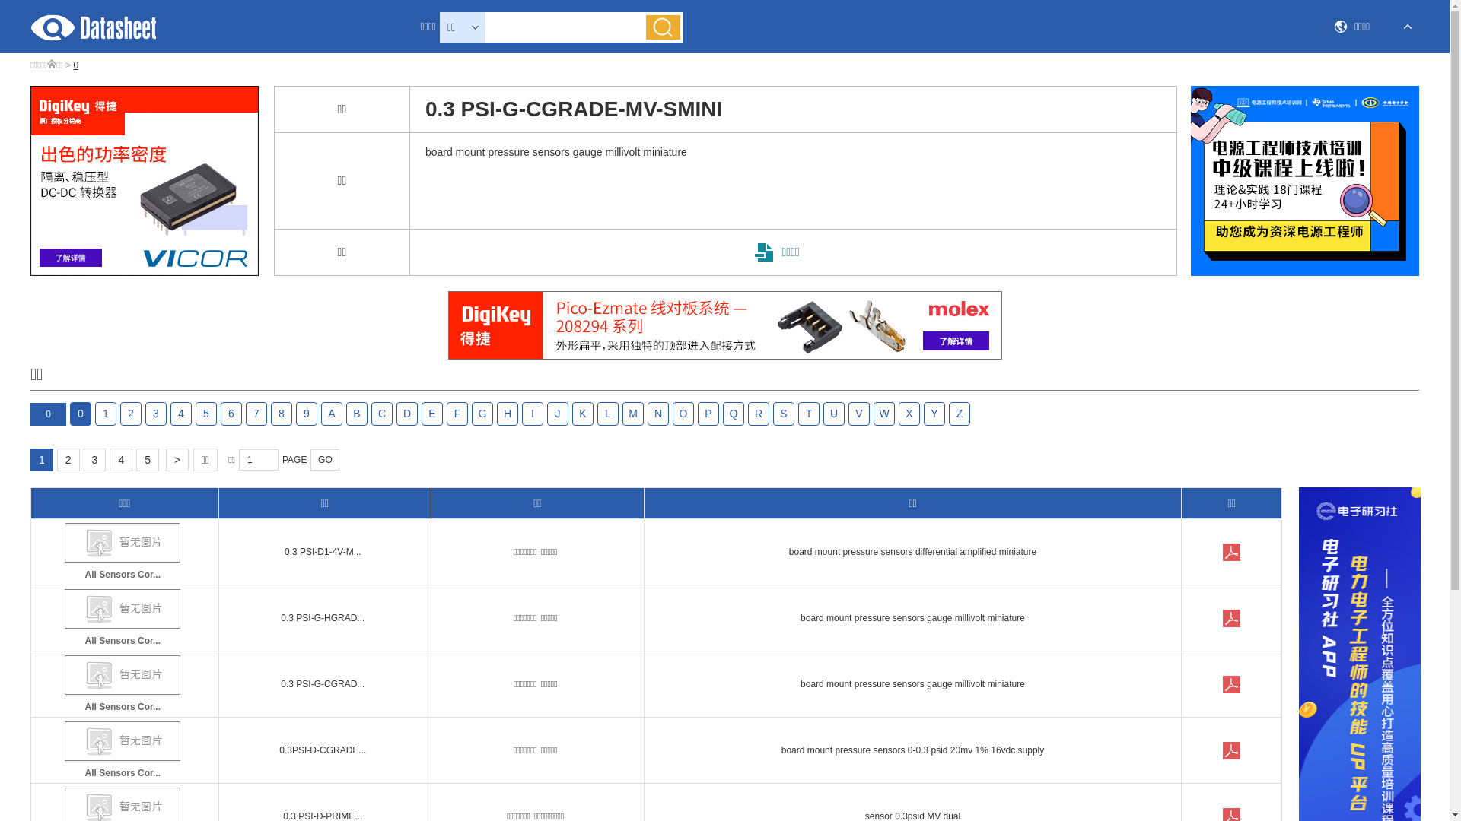 This screenshot has height=821, width=1461. What do you see at coordinates (306, 414) in the screenshot?
I see `'9'` at bounding box center [306, 414].